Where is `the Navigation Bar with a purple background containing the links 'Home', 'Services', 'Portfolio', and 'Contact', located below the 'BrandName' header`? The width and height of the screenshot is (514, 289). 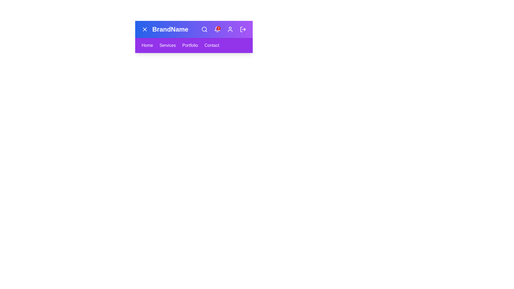
the Navigation Bar with a purple background containing the links 'Home', 'Services', 'Portfolio', and 'Contact', located below the 'BrandName' header is located at coordinates (194, 45).